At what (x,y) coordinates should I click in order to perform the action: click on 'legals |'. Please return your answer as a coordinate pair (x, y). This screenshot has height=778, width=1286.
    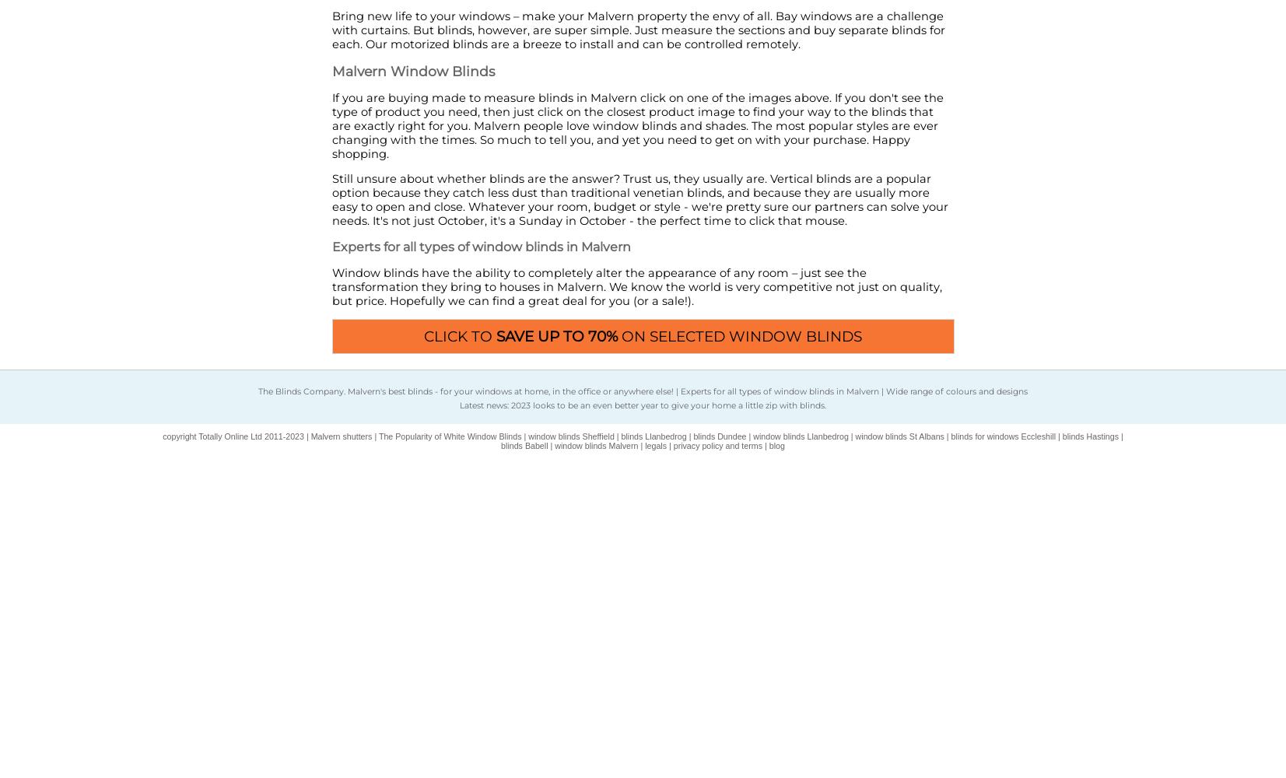
    Looking at the image, I should click on (644, 445).